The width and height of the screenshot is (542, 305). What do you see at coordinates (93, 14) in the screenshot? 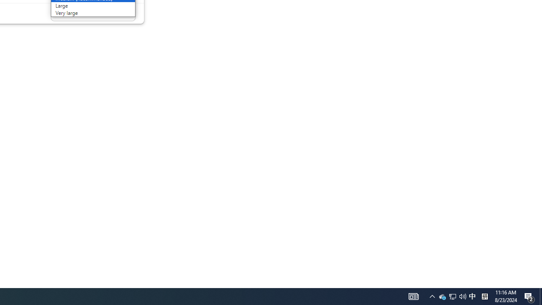
I see `'Page zoom'` at bounding box center [93, 14].